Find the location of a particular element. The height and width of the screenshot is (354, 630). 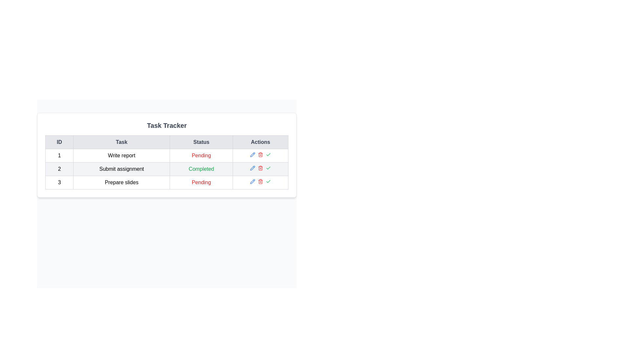

the check icon for task with ID 2 to mark it as completed is located at coordinates (268, 168).